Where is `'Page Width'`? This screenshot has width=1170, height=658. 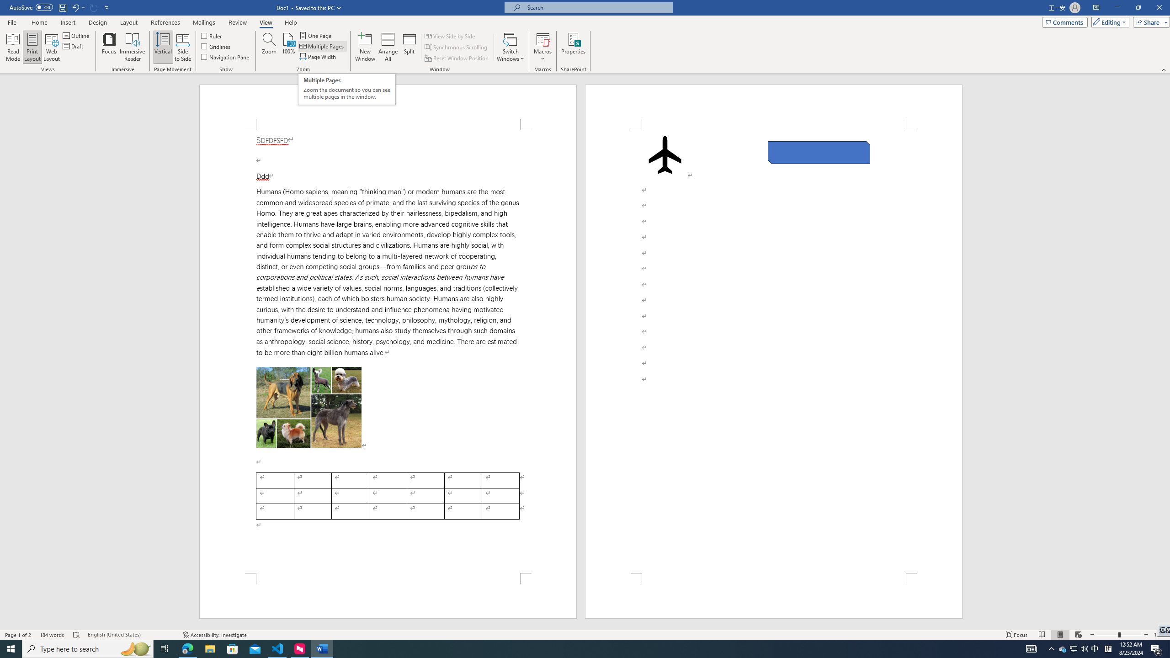 'Page Width' is located at coordinates (319, 56).